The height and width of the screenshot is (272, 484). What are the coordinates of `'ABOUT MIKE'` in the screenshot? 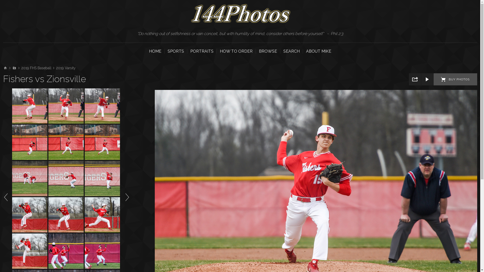 It's located at (318, 51).